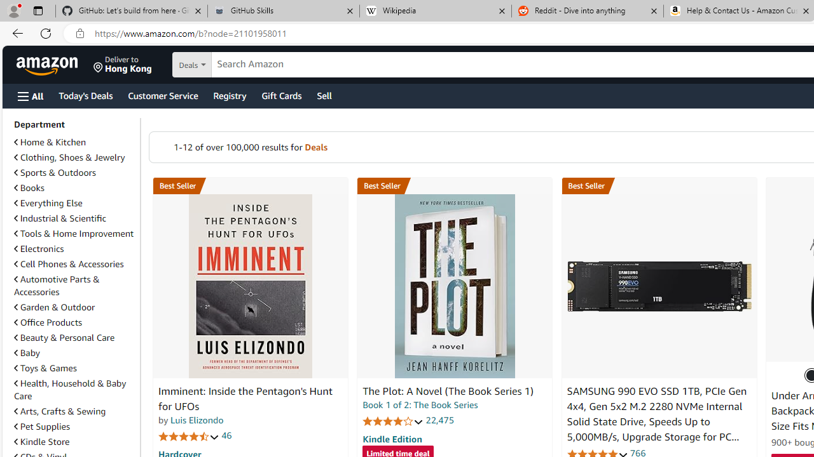  I want to click on 'Sell', so click(324, 95).